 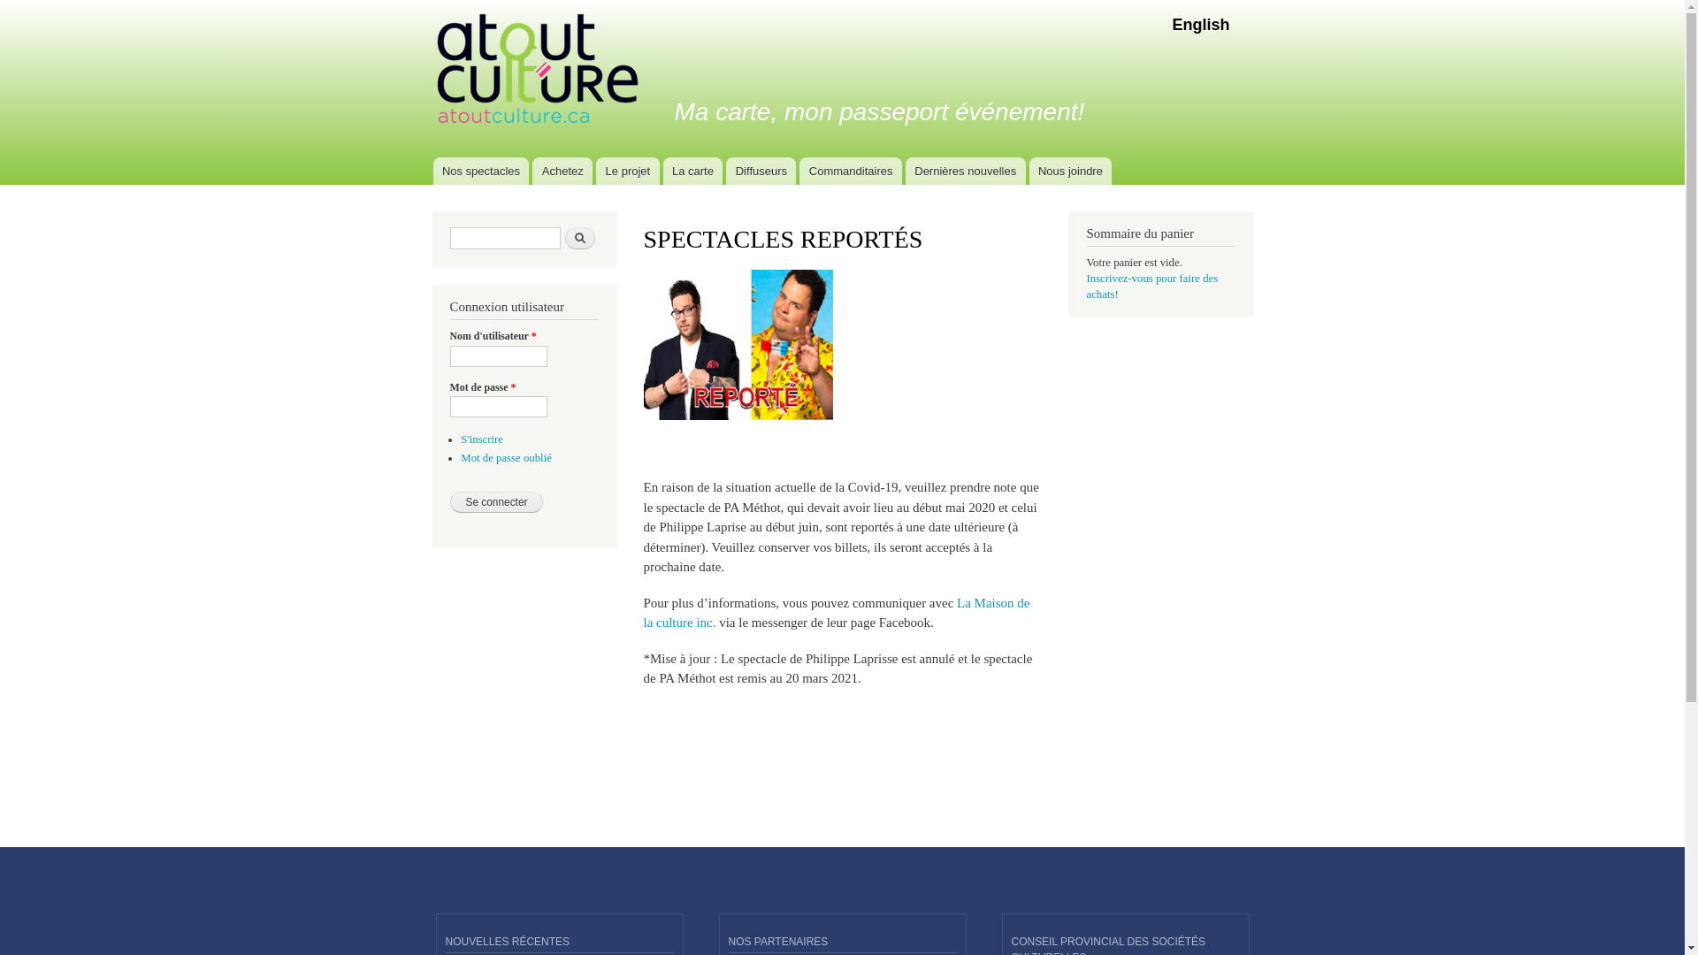 What do you see at coordinates (531, 171) in the screenshot?
I see `'Achetez'` at bounding box center [531, 171].